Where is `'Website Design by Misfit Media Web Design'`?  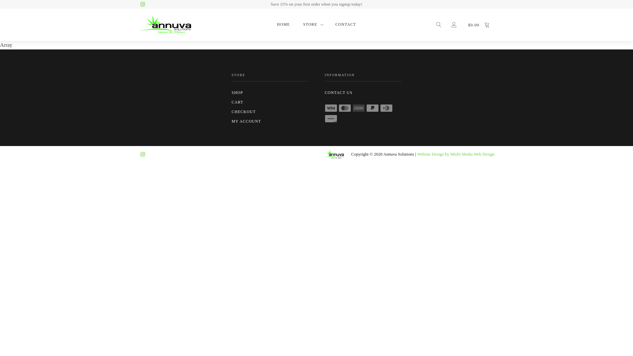
'Website Design by Misfit Media Web Design' is located at coordinates (417, 154).